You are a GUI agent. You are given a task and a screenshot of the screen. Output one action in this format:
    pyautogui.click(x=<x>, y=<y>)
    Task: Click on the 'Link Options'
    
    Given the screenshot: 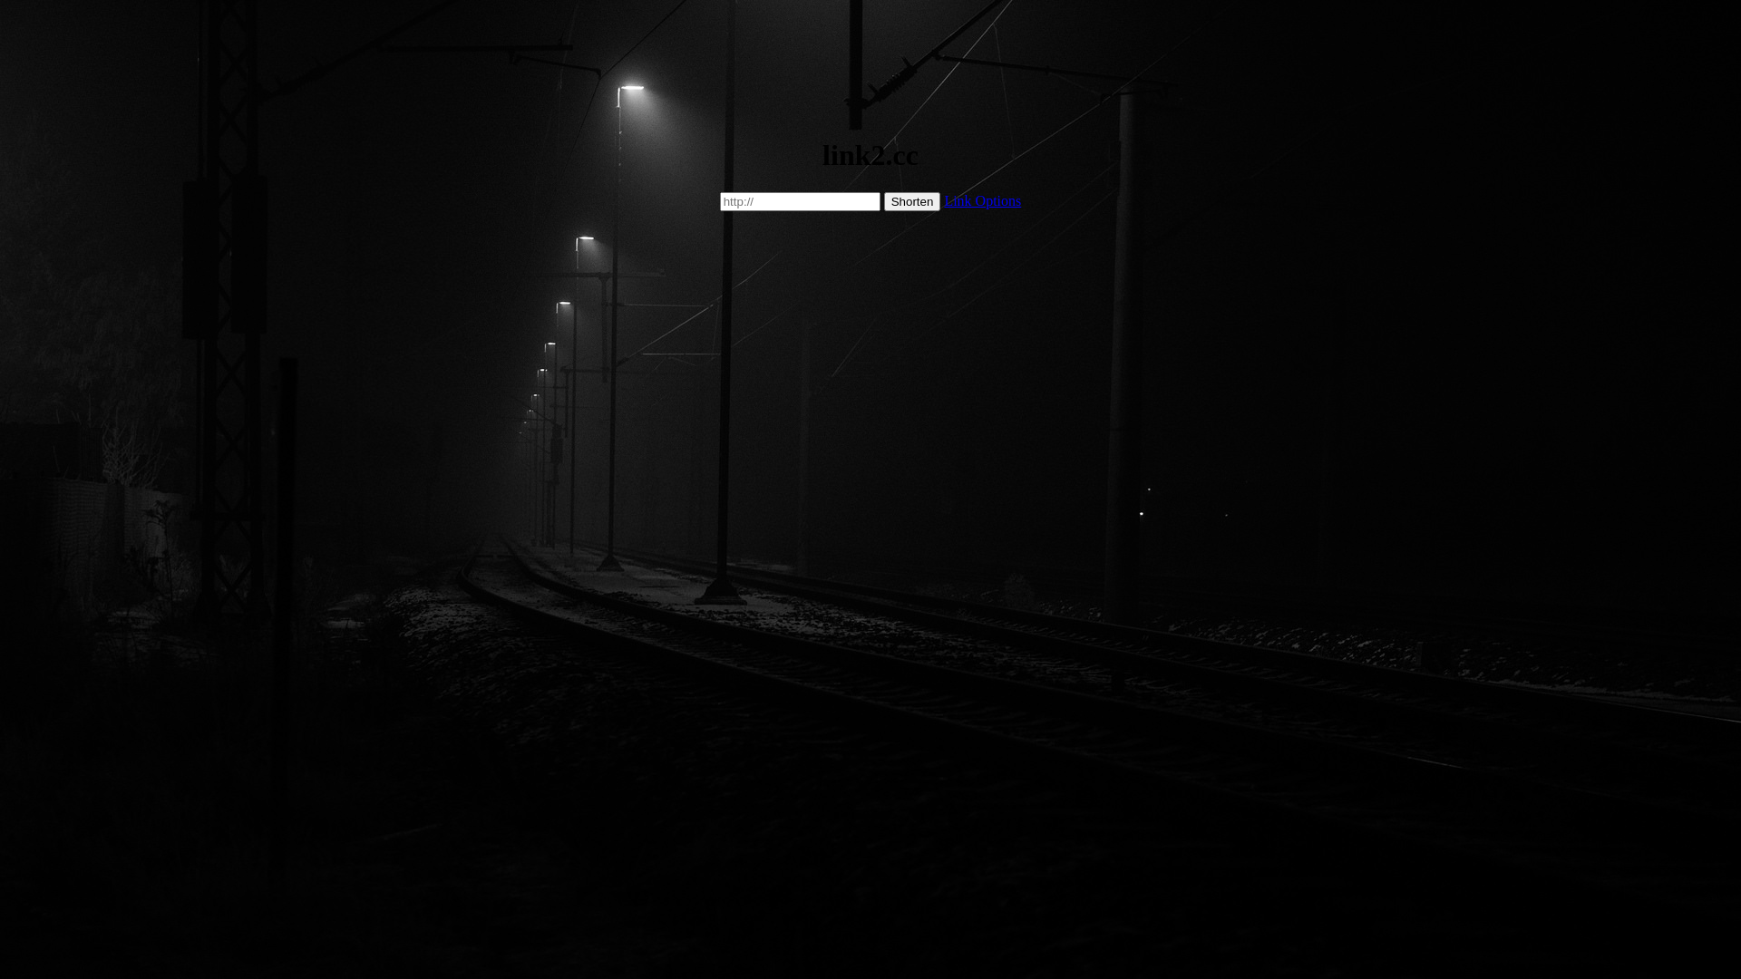 What is the action you would take?
    pyautogui.click(x=981, y=200)
    